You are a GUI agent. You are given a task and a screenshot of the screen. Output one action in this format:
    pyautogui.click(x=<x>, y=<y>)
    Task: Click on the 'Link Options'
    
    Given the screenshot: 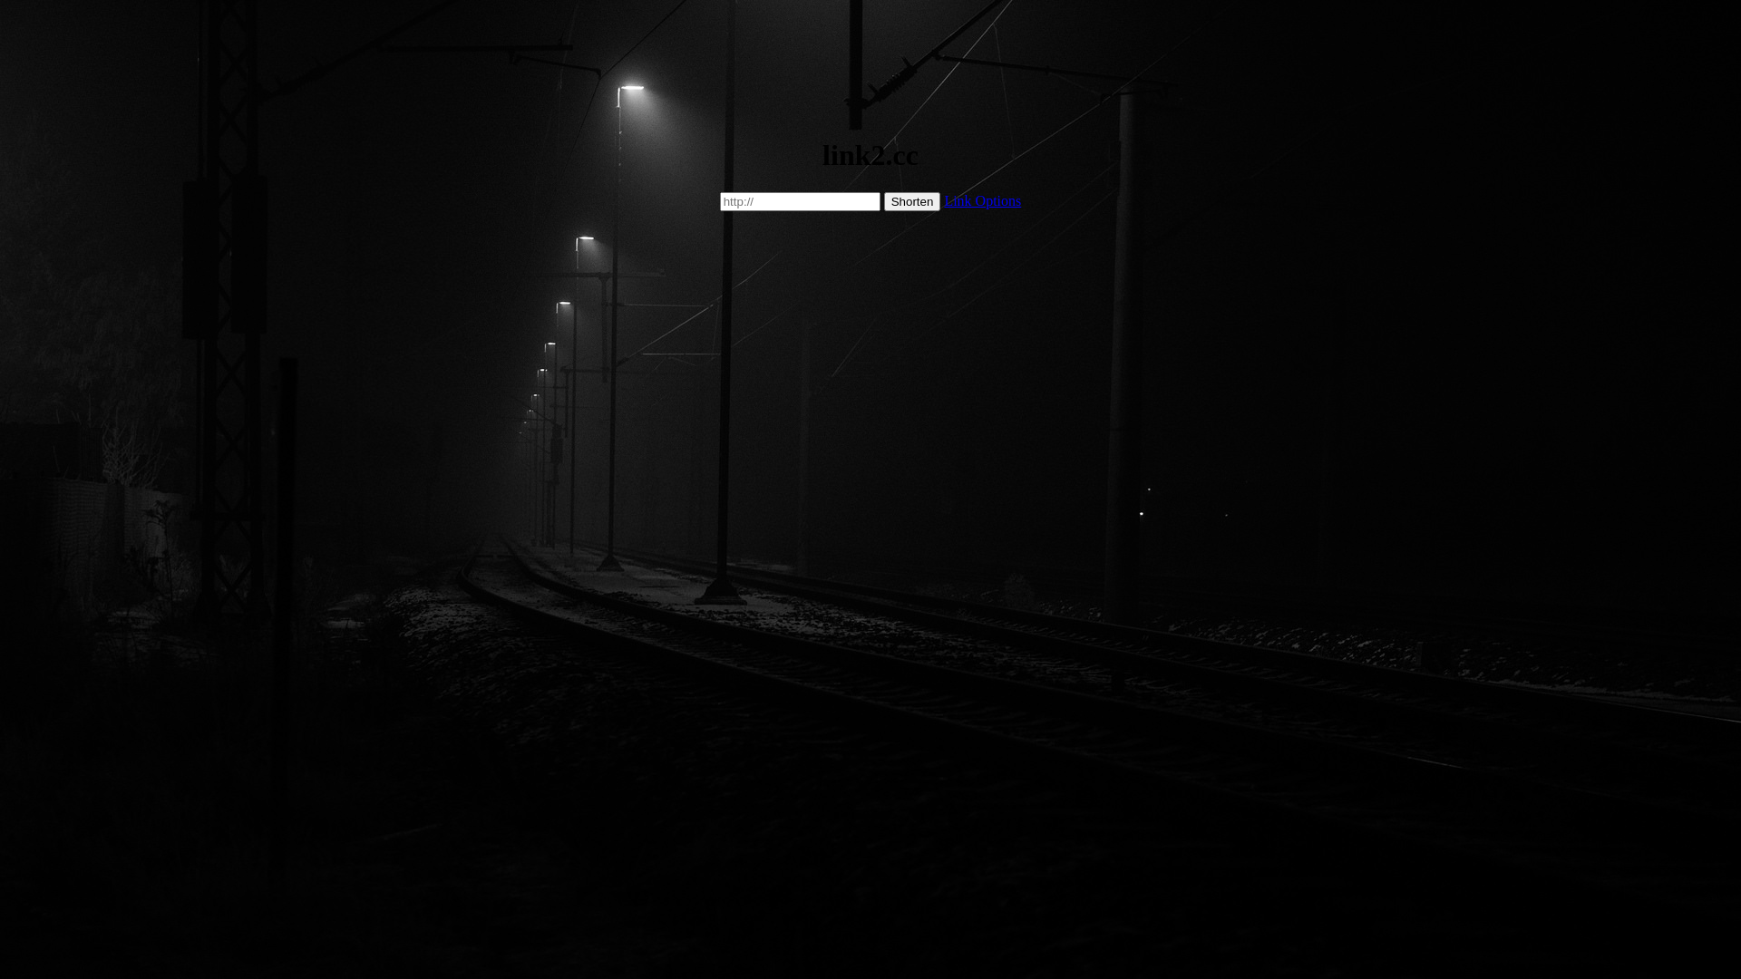 What is the action you would take?
    pyautogui.click(x=981, y=200)
    